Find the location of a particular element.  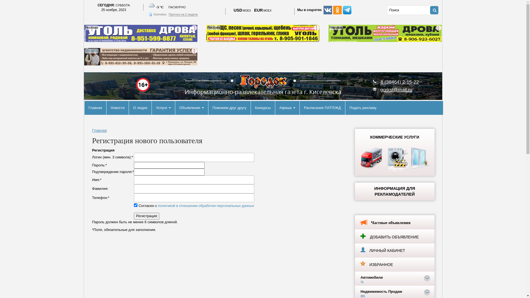

'8 (38464) 2-15-22' is located at coordinates (380, 82).